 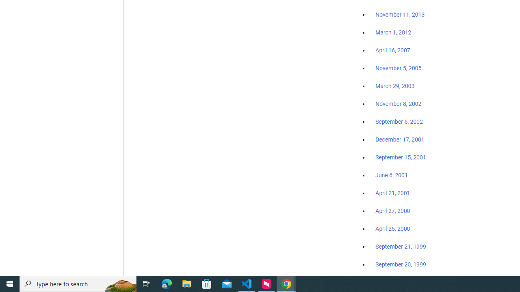 I want to click on 'September 20, 1999', so click(x=401, y=264).